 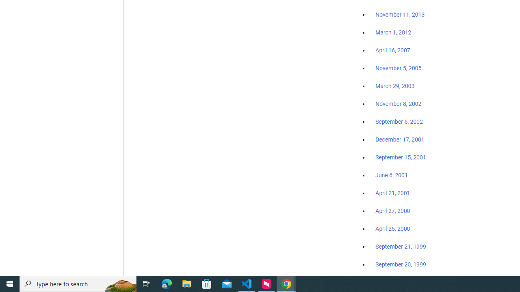 I want to click on 'September 20, 1999', so click(x=401, y=264).